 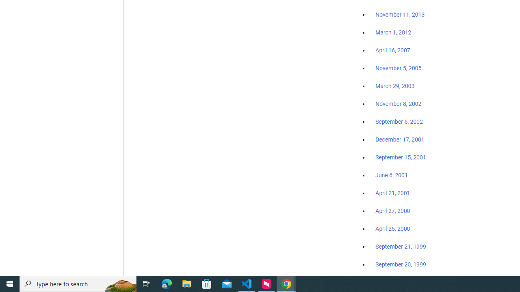 I want to click on 'September 20, 1999', so click(x=401, y=264).